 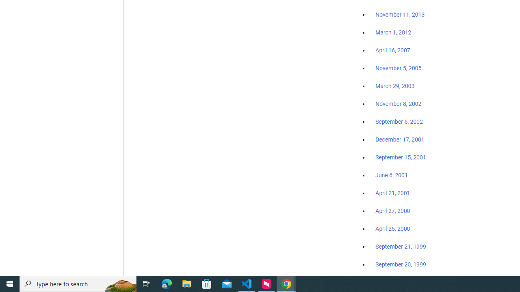 I want to click on 'September 20, 1999', so click(x=401, y=264).